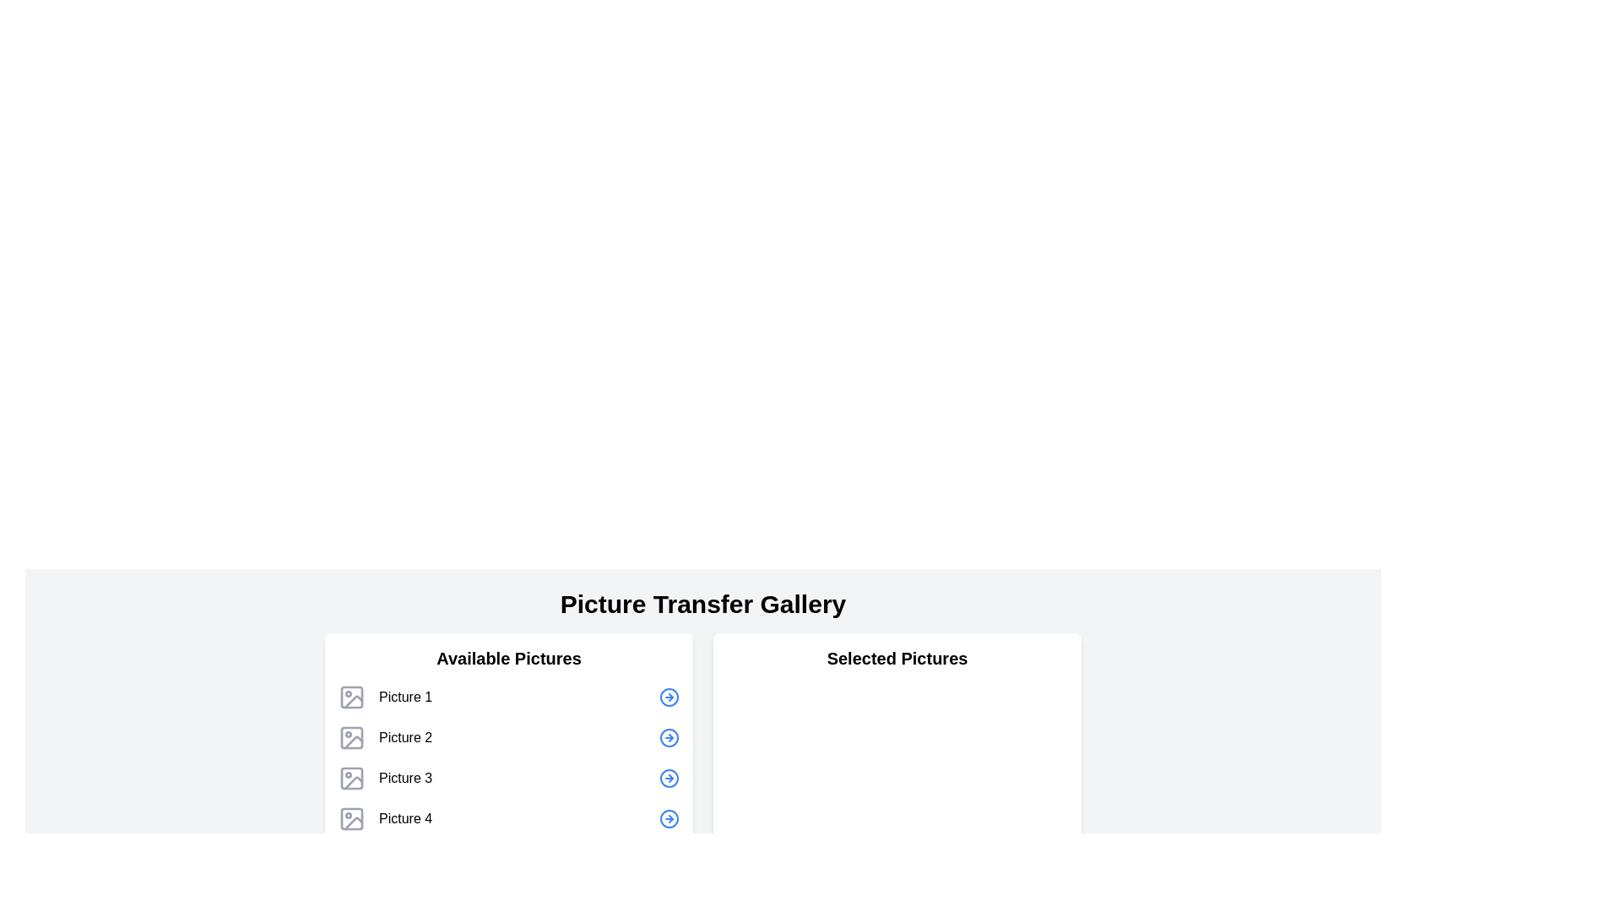 This screenshot has width=1621, height=912. What do you see at coordinates (668, 860) in the screenshot?
I see `the decorative vector graphic (circle) located at the bottom left of the grid of selectable pictures in the 'Available Pictures' section` at bounding box center [668, 860].